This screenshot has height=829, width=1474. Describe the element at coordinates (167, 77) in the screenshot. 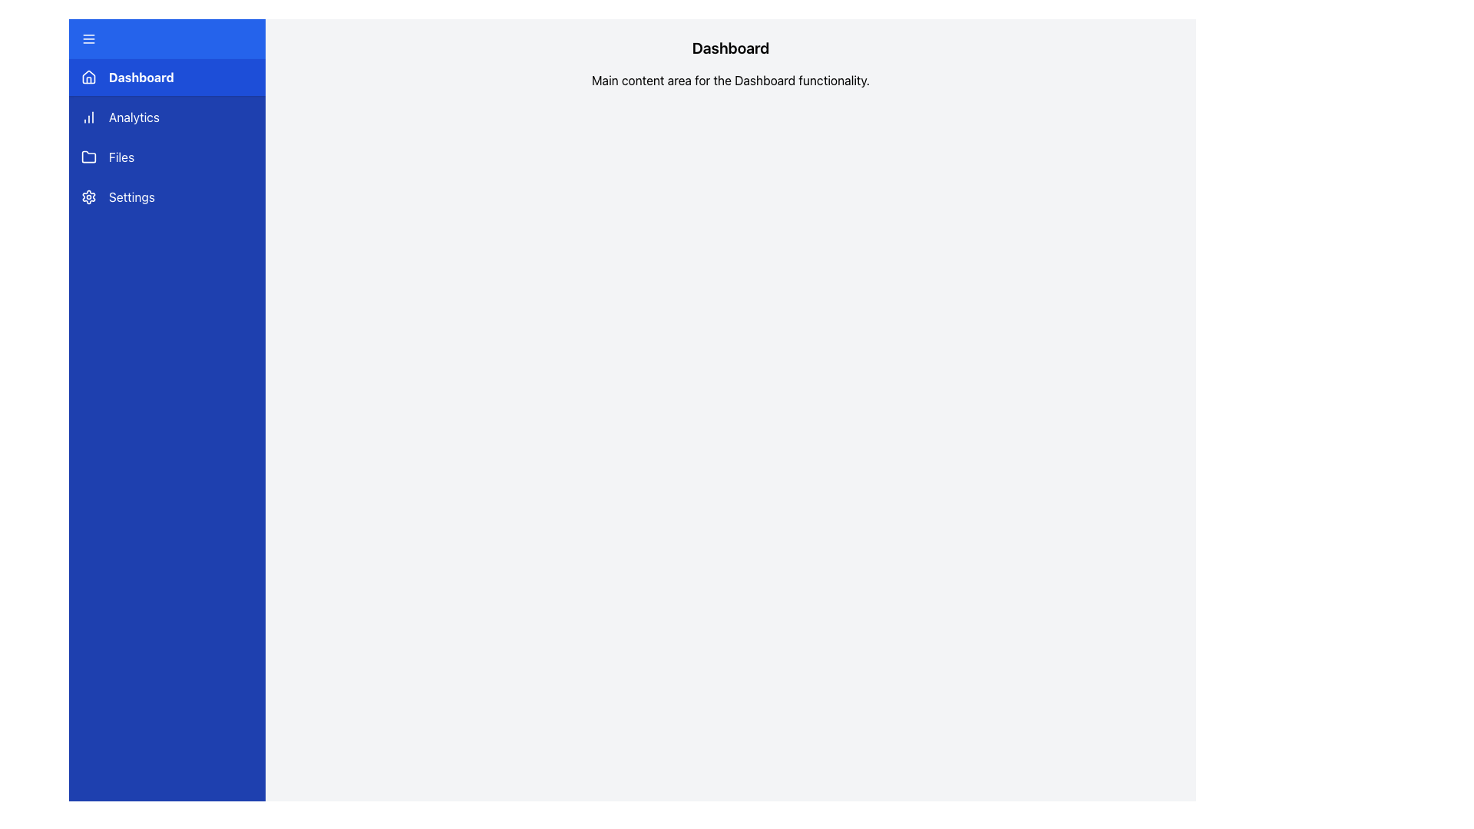

I see `the first menu item in the vertically stacked sidebar menu` at that location.